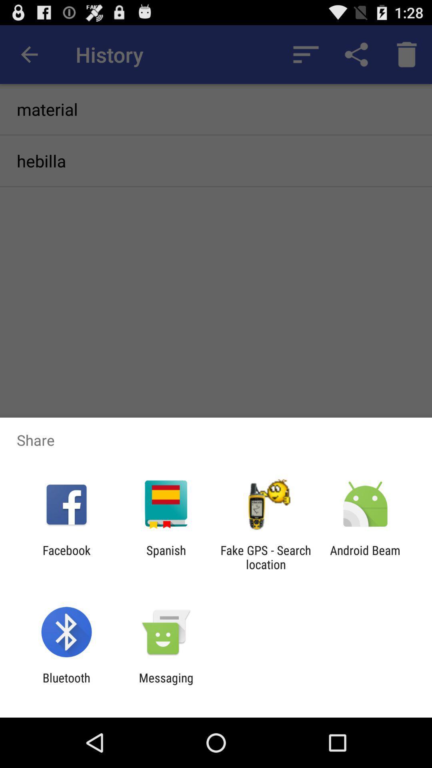  I want to click on item next to messaging icon, so click(66, 684).